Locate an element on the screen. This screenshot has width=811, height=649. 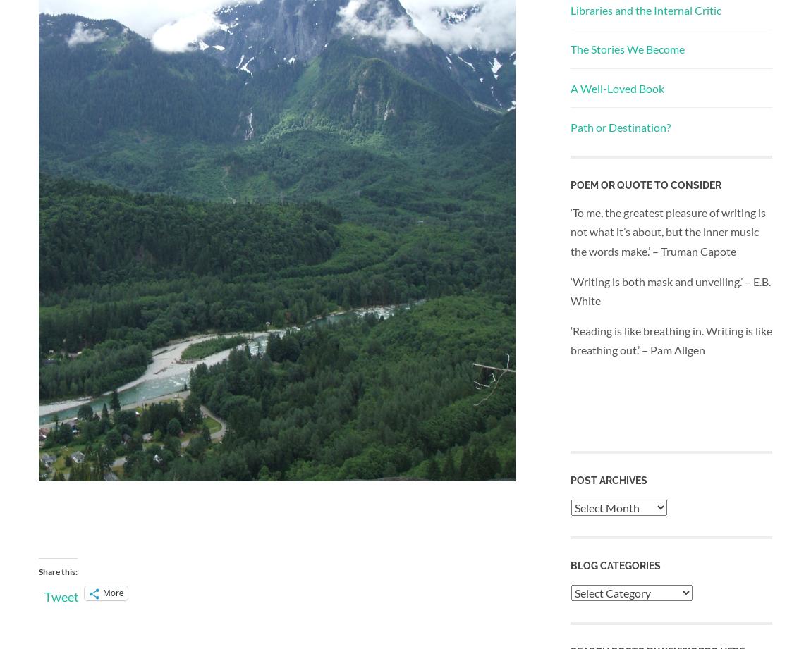
'More' is located at coordinates (112, 592).